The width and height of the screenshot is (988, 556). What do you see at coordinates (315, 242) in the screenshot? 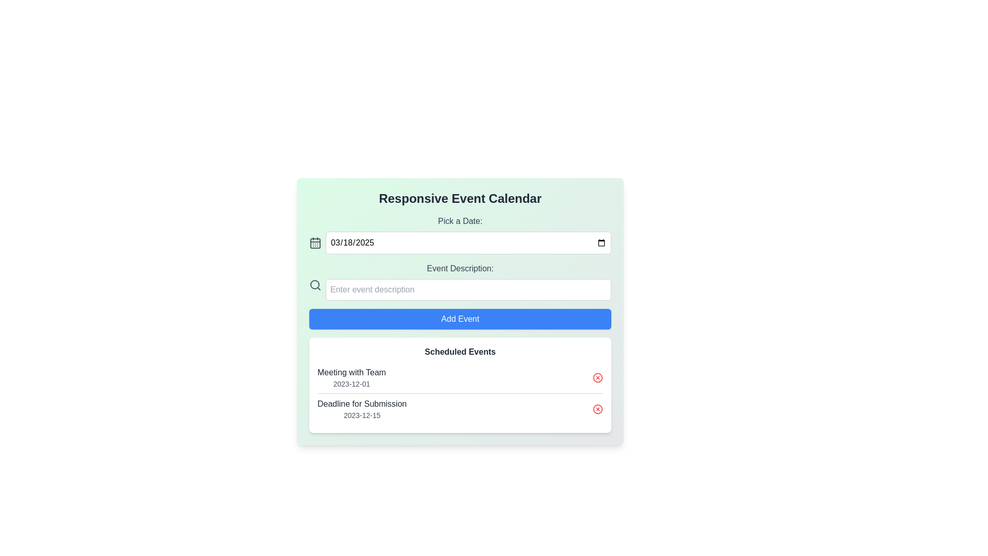
I see `the calendar icon located to the left of the date input box in the 'Pick a Date' section, which has a grayish square outline with rounded corners and resembles a calendar structure` at bounding box center [315, 242].